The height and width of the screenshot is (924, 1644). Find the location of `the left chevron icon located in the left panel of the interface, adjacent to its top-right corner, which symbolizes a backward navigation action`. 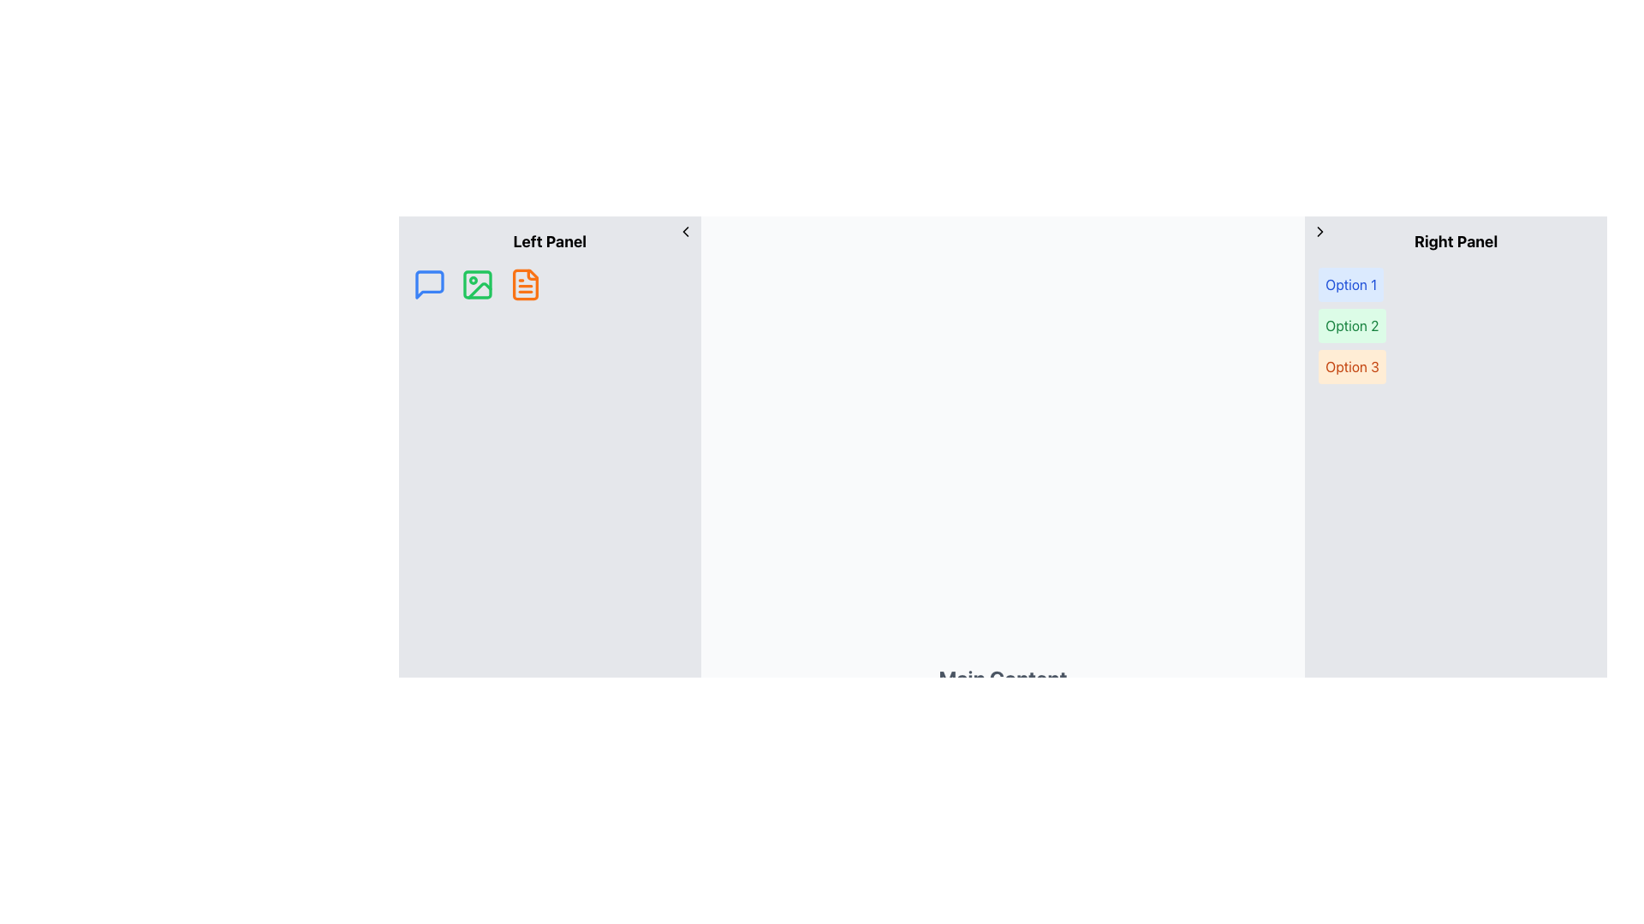

the left chevron icon located in the left panel of the interface, adjacent to its top-right corner, which symbolizes a backward navigation action is located at coordinates (685, 231).